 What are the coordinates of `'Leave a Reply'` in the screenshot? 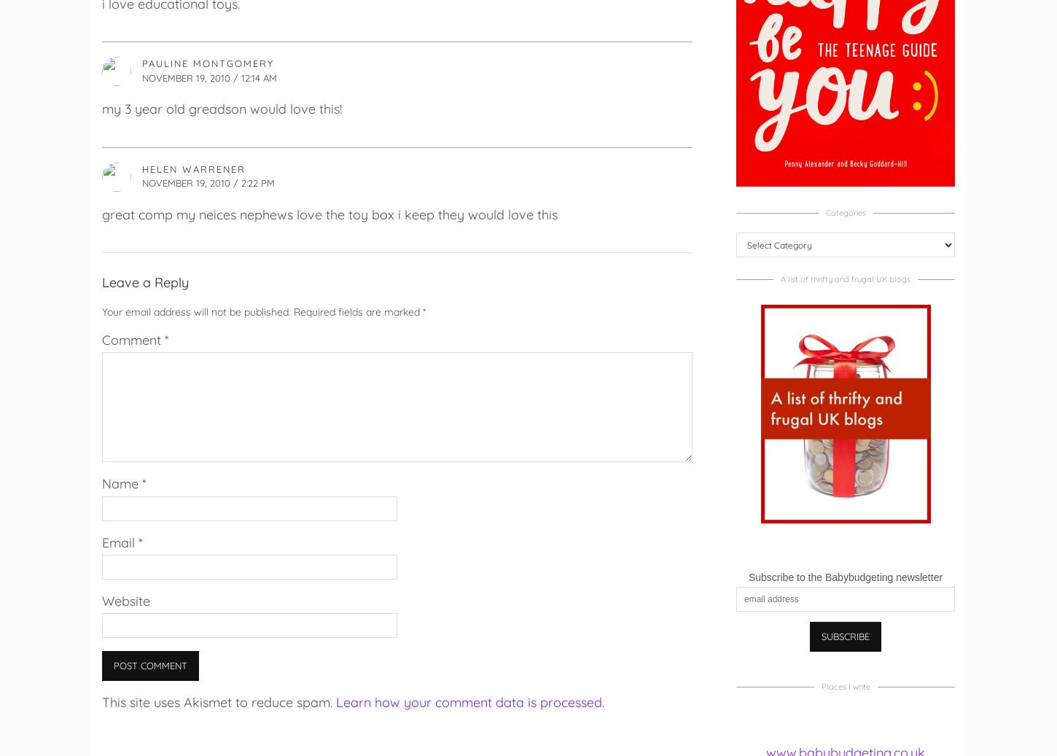 It's located at (101, 281).